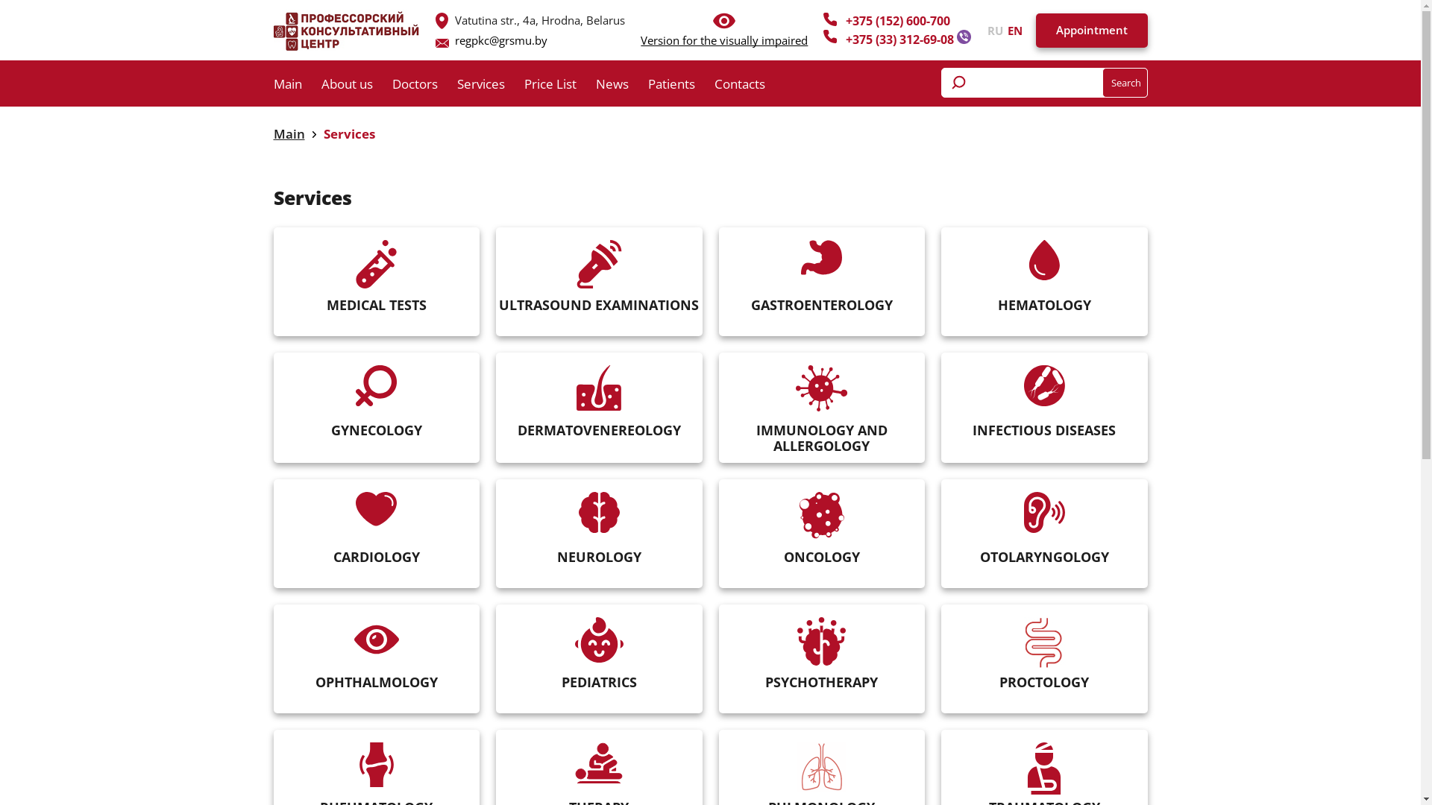  Describe the element at coordinates (1043, 658) in the screenshot. I see `'PROCTOLOGY'` at that location.